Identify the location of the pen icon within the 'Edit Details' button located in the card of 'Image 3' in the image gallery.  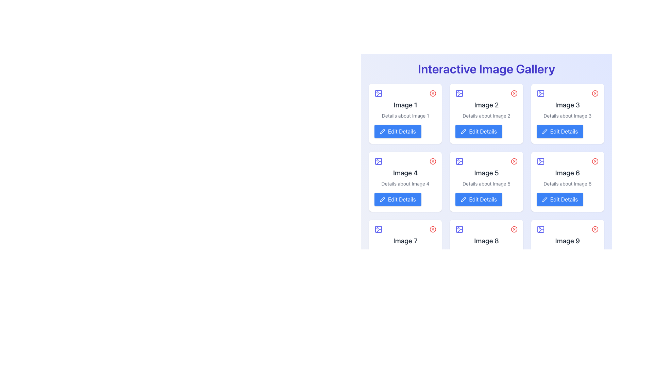
(545, 131).